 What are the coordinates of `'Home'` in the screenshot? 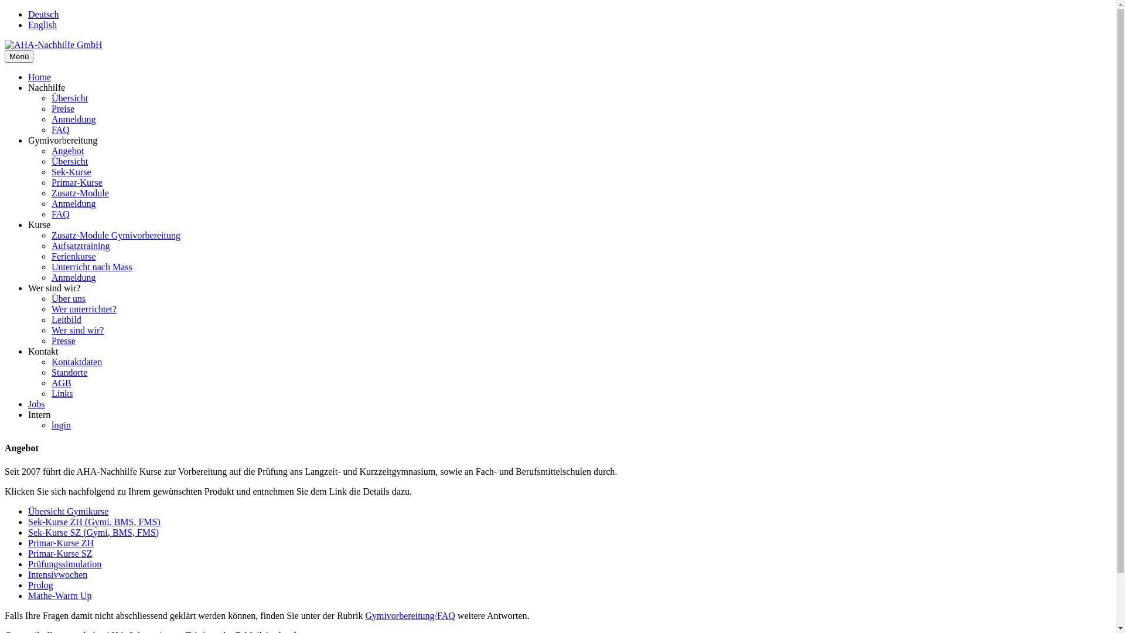 It's located at (39, 77).